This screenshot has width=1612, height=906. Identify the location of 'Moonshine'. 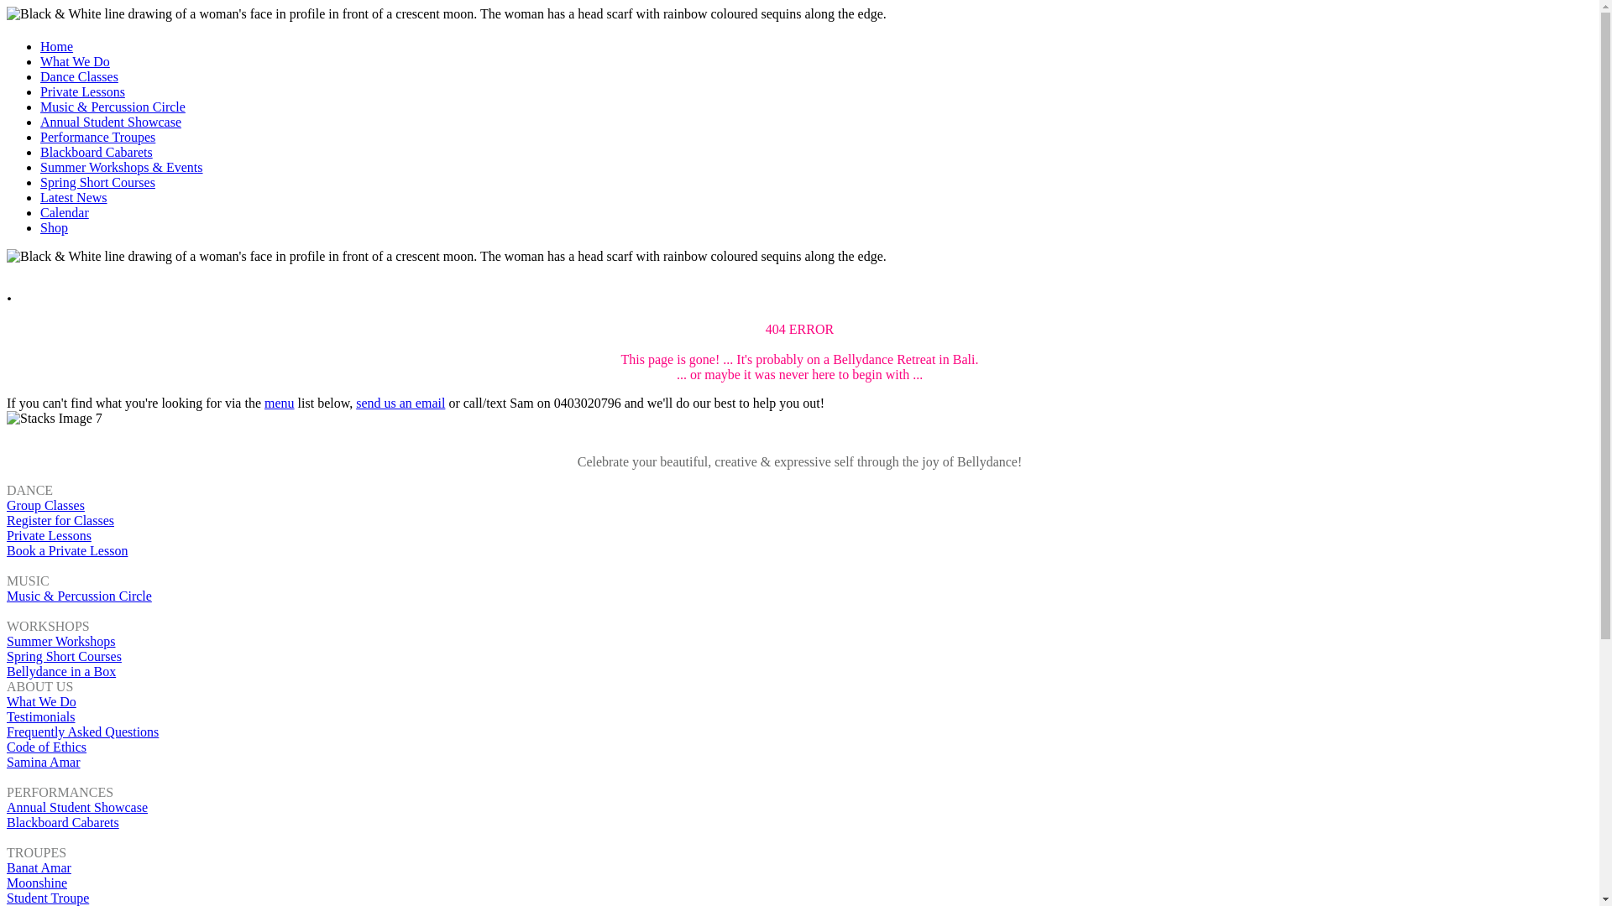
(36, 882).